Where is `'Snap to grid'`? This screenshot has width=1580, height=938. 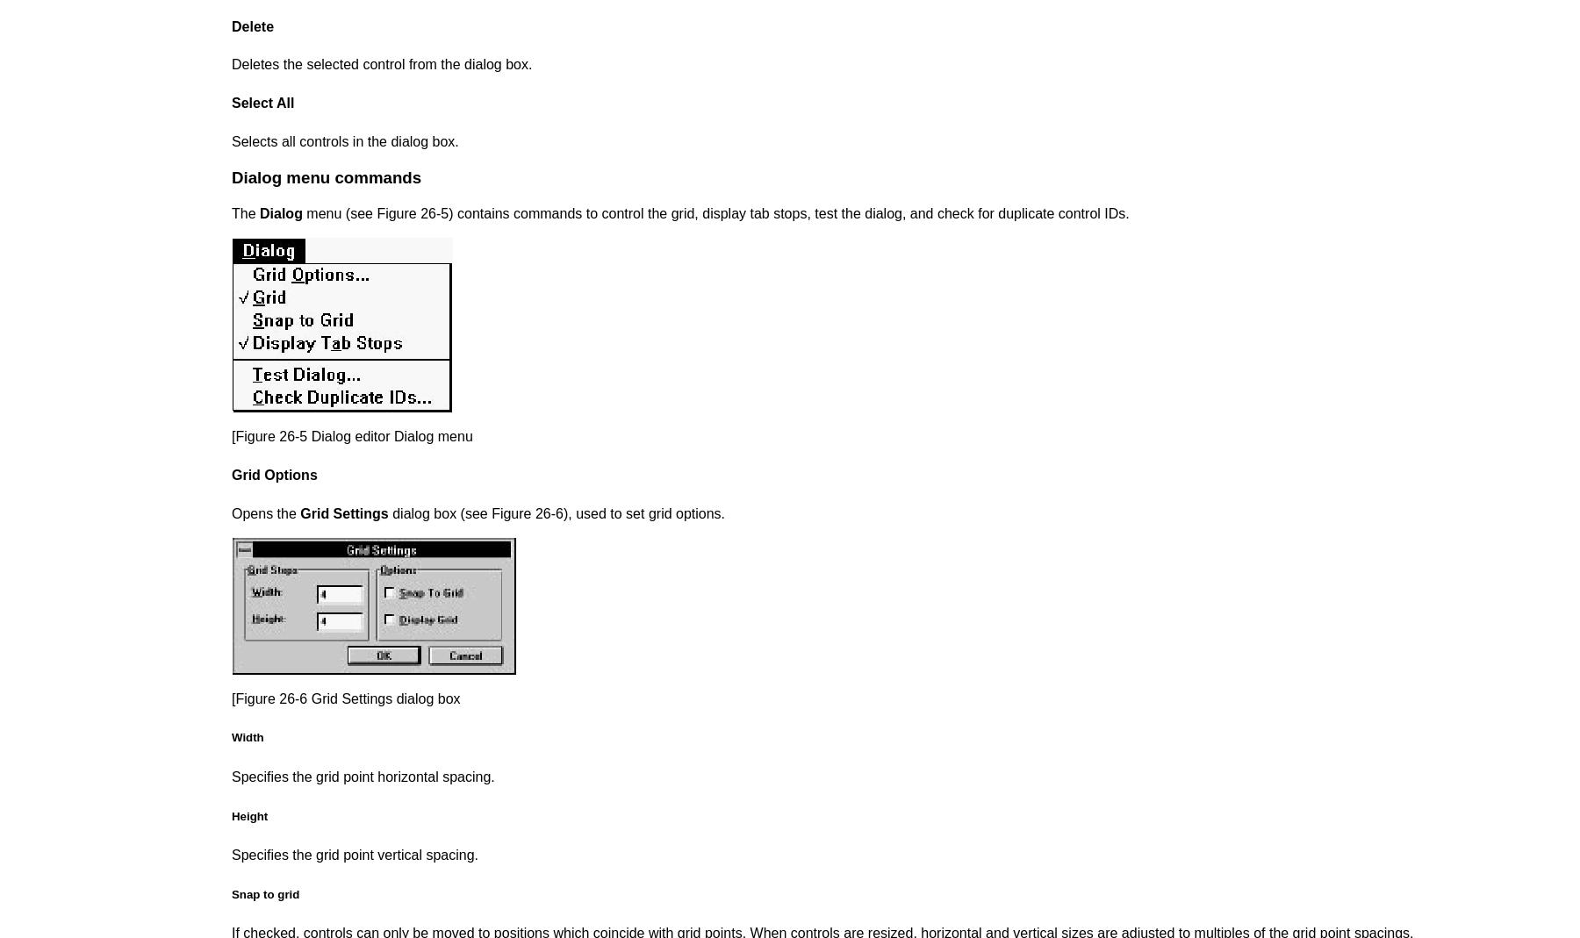
'Snap to grid' is located at coordinates (264, 893).